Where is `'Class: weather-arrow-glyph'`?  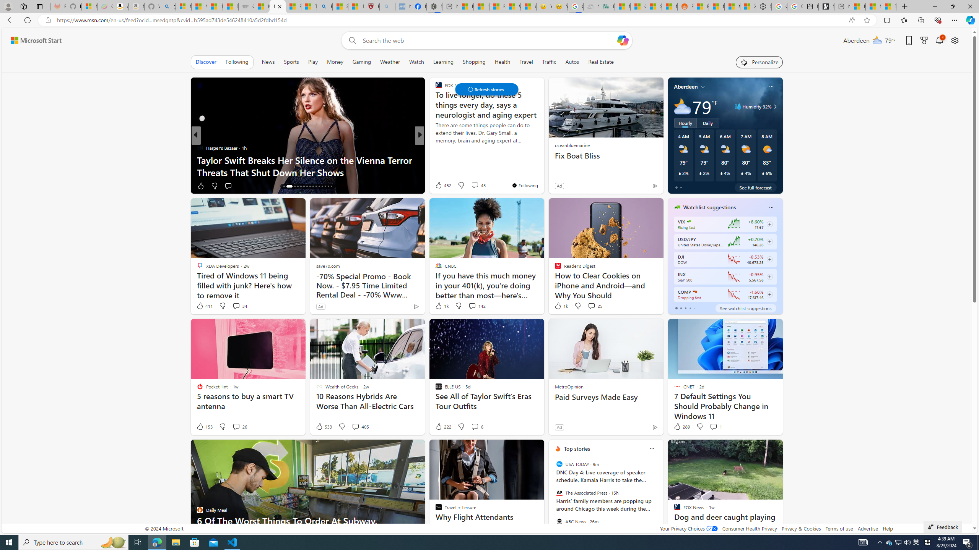
'Class: weather-arrow-glyph' is located at coordinates (774, 107).